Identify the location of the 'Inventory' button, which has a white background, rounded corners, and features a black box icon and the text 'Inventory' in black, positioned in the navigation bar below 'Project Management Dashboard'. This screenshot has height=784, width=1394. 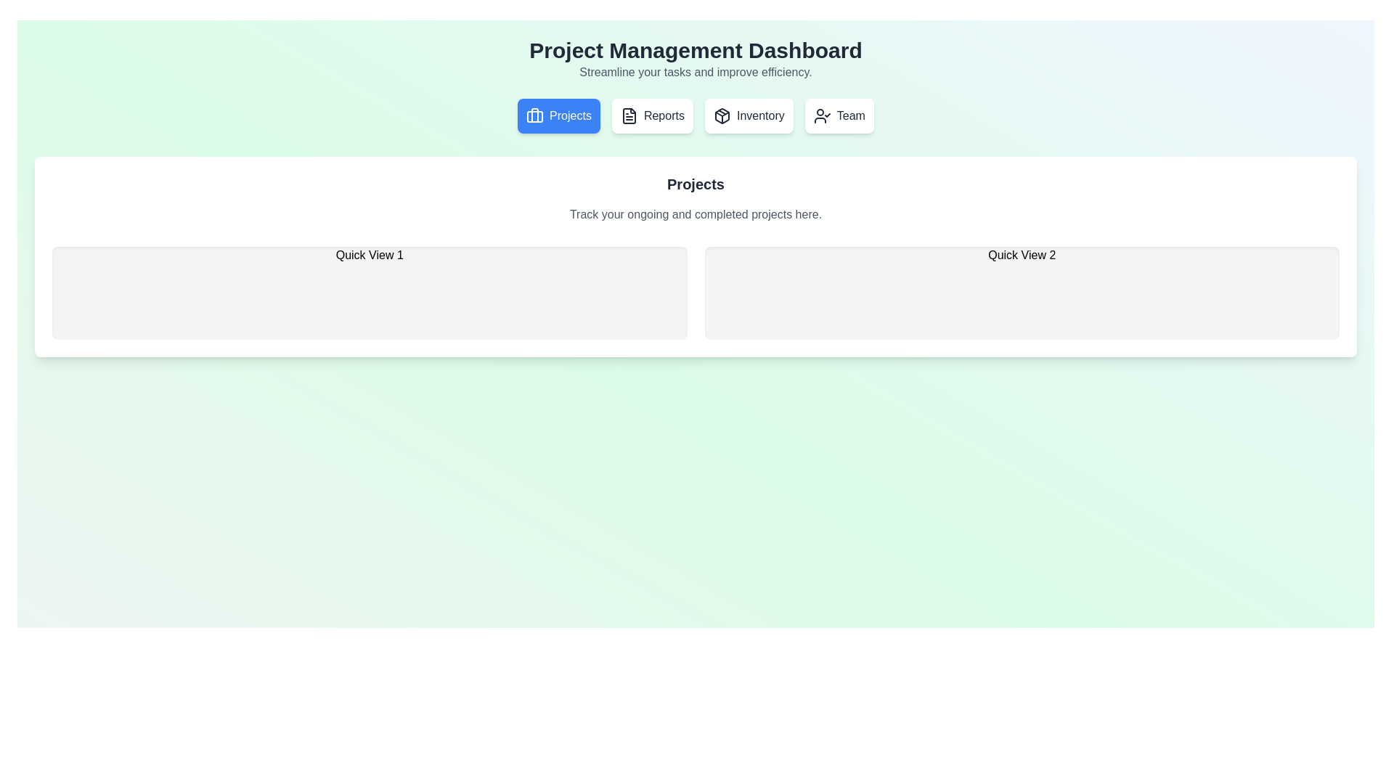
(749, 115).